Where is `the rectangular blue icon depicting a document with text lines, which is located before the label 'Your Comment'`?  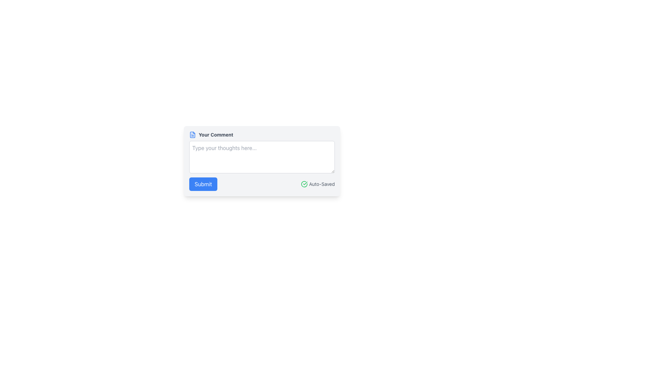
the rectangular blue icon depicting a document with text lines, which is located before the label 'Your Comment' is located at coordinates (192, 135).